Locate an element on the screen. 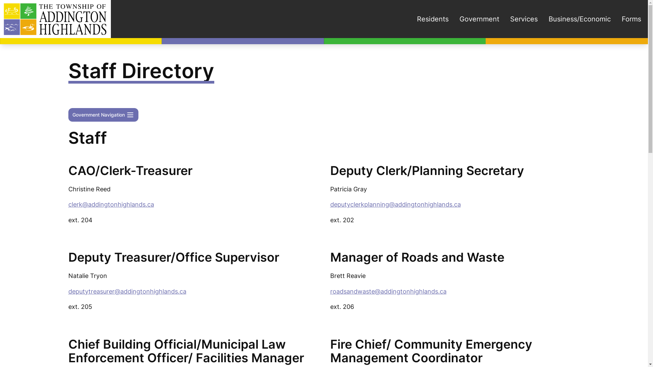 The width and height of the screenshot is (653, 367). 'Business/Economic' is located at coordinates (579, 19).